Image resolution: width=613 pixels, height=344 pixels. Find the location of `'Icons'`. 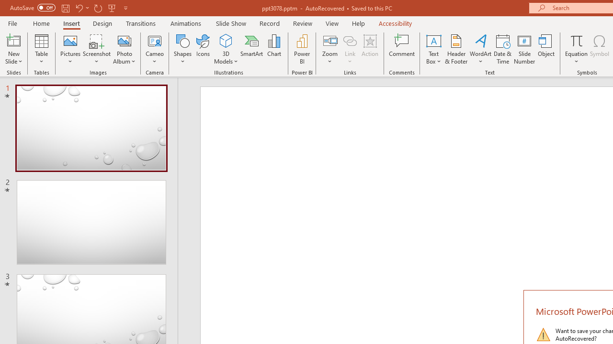

'Icons' is located at coordinates (203, 49).